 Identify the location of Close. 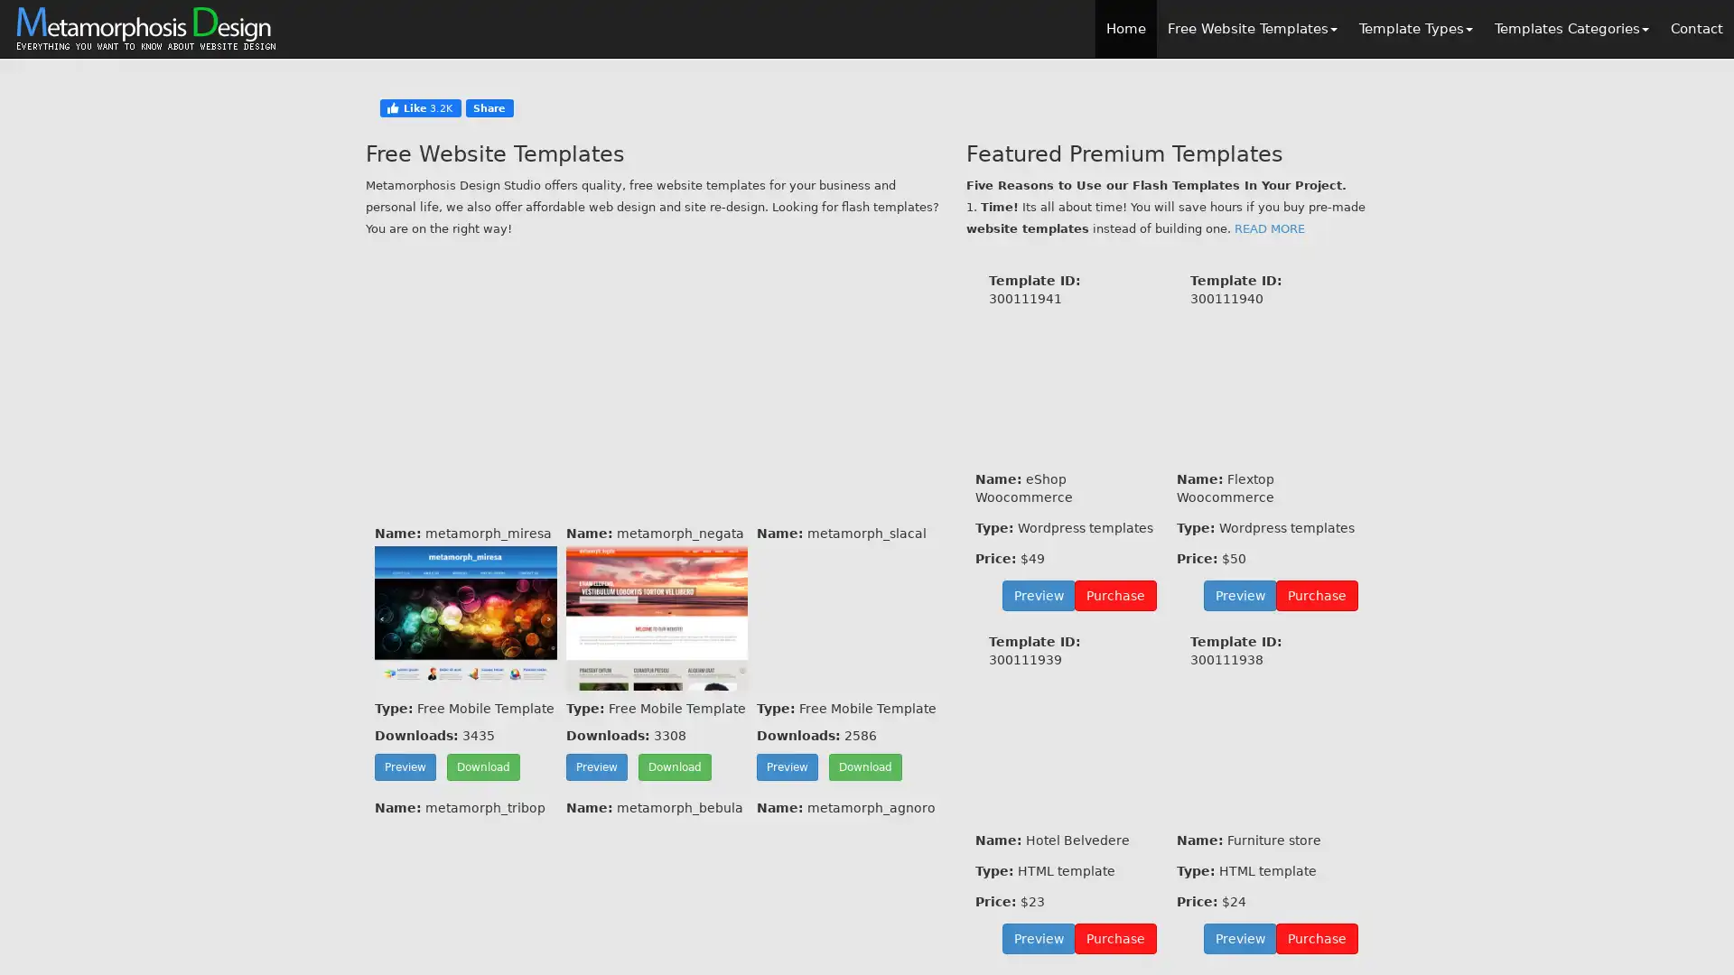
(978, 48).